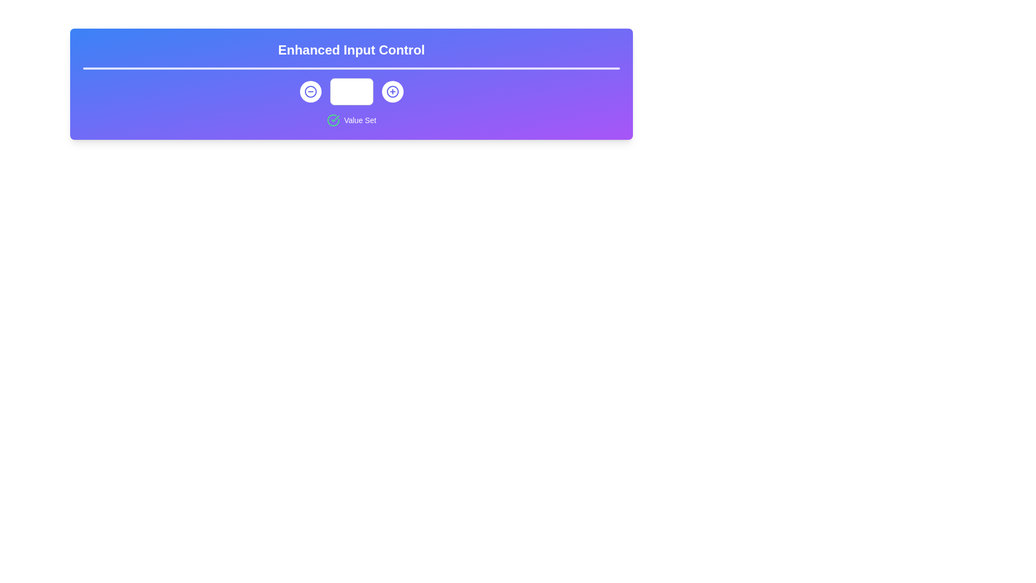 Image resolution: width=1036 pixels, height=583 pixels. What do you see at coordinates (310, 91) in the screenshot?
I see `the SVG circle element that represents a circle within the circle-minus icon, located to the left of the input field` at bounding box center [310, 91].